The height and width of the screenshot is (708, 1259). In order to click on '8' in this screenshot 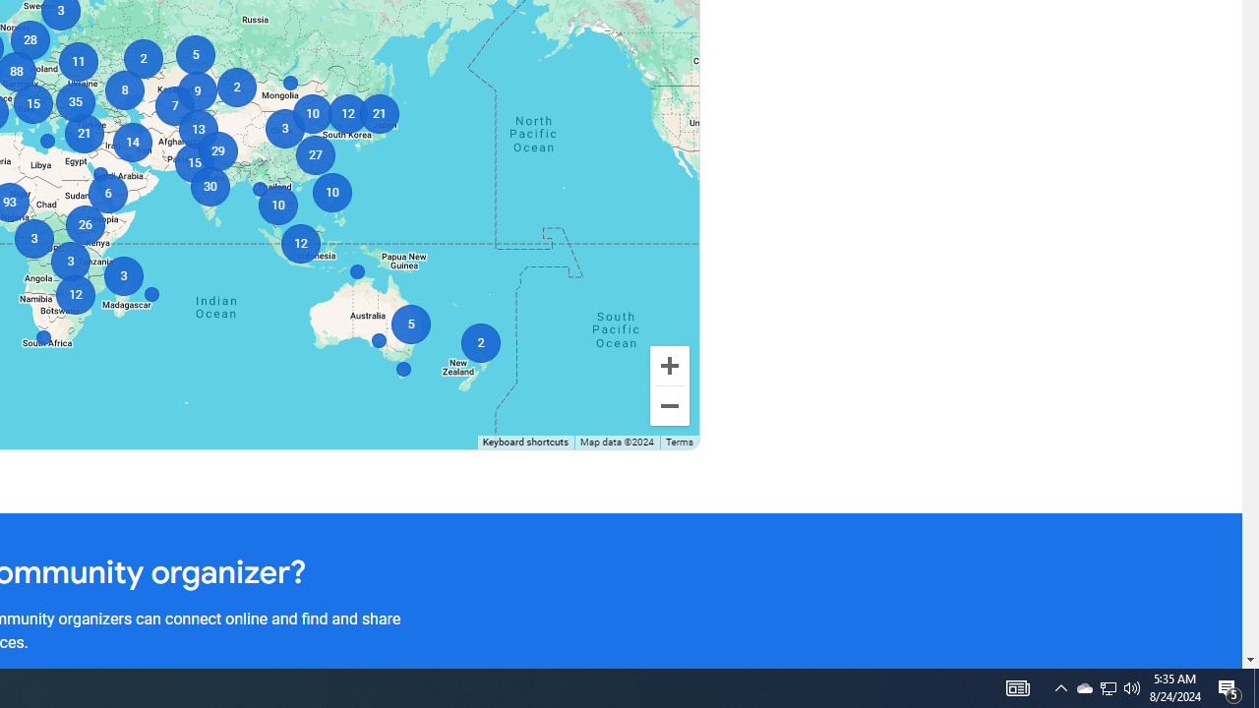, I will do `click(123, 90)`.